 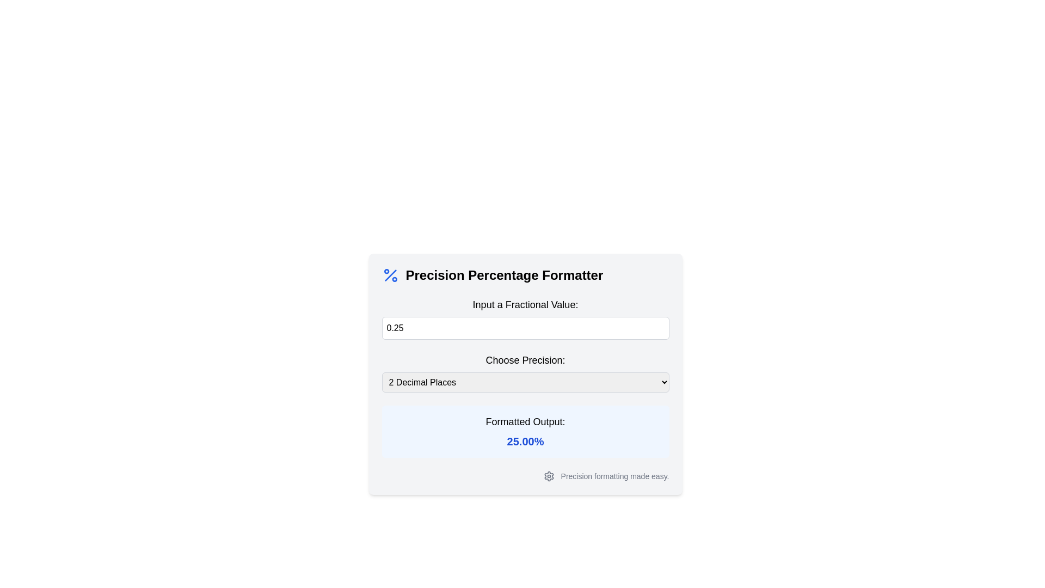 What do you see at coordinates (525, 372) in the screenshot?
I see `the dropdown menu labeled 'Choose Precision:' which contains options for decimal precision levels` at bounding box center [525, 372].